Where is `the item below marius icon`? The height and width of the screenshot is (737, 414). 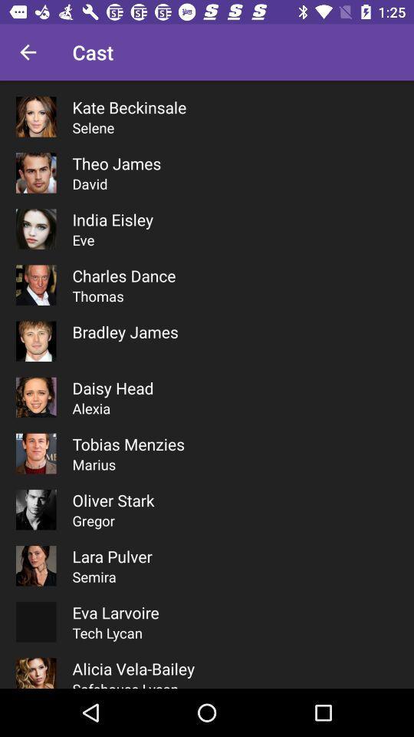 the item below marius icon is located at coordinates (112, 499).